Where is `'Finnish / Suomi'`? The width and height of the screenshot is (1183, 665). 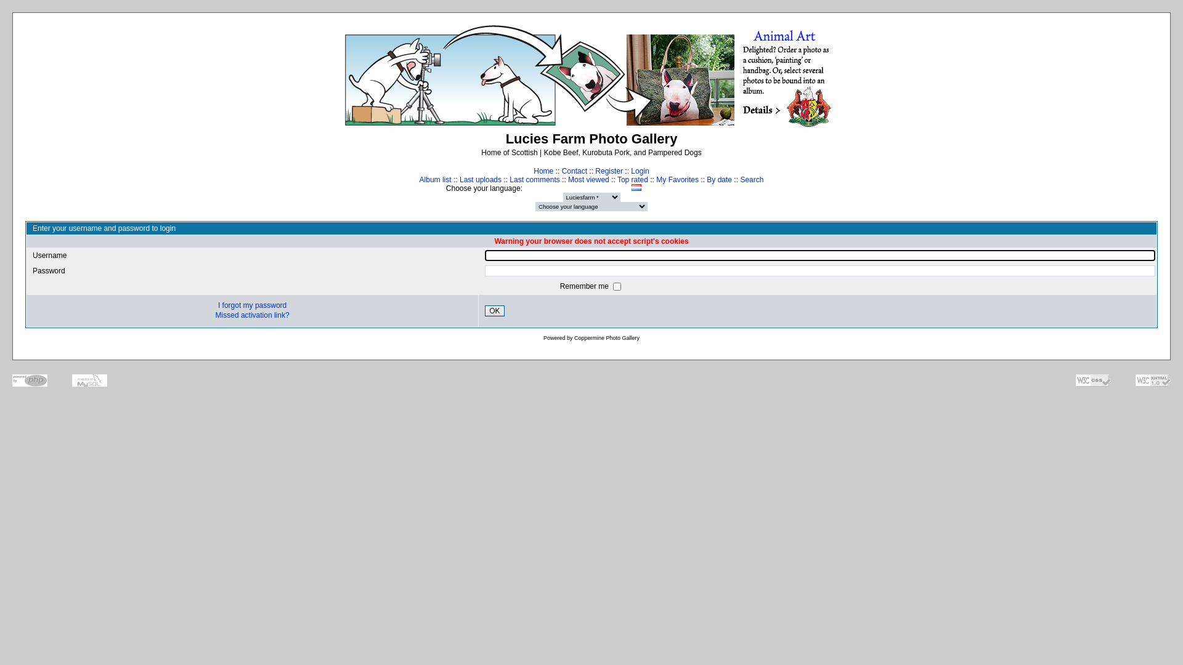 'Finnish / Suomi' is located at coordinates (588, 187).